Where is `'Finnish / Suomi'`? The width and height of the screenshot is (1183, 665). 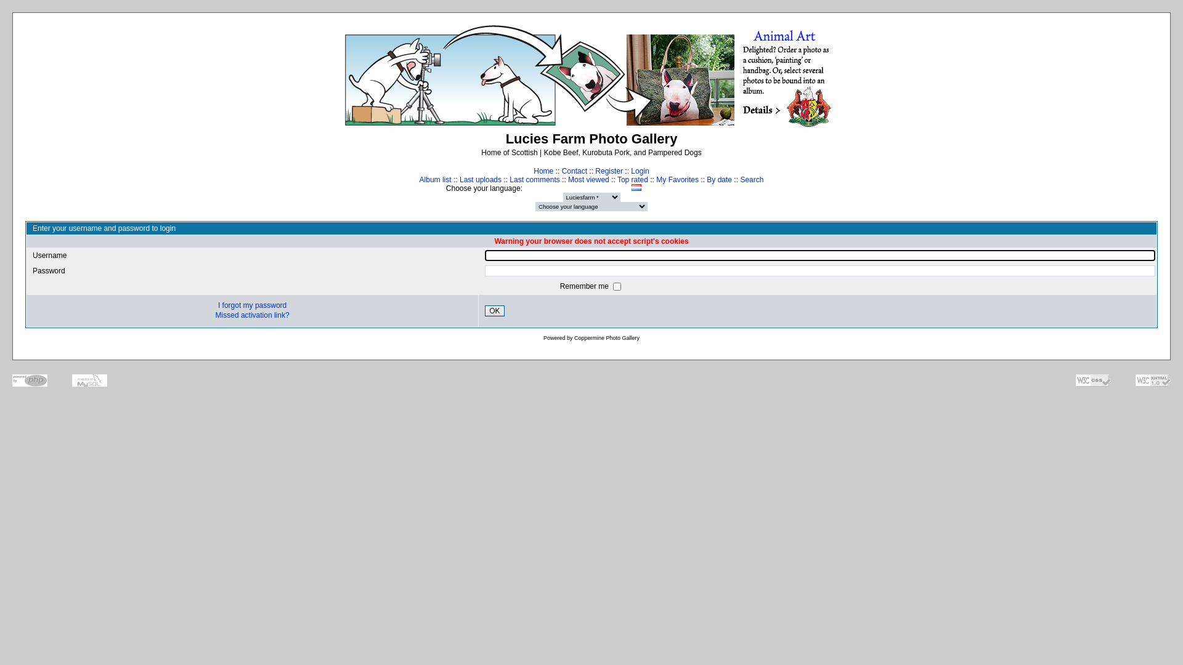 'Finnish / Suomi' is located at coordinates (588, 187).